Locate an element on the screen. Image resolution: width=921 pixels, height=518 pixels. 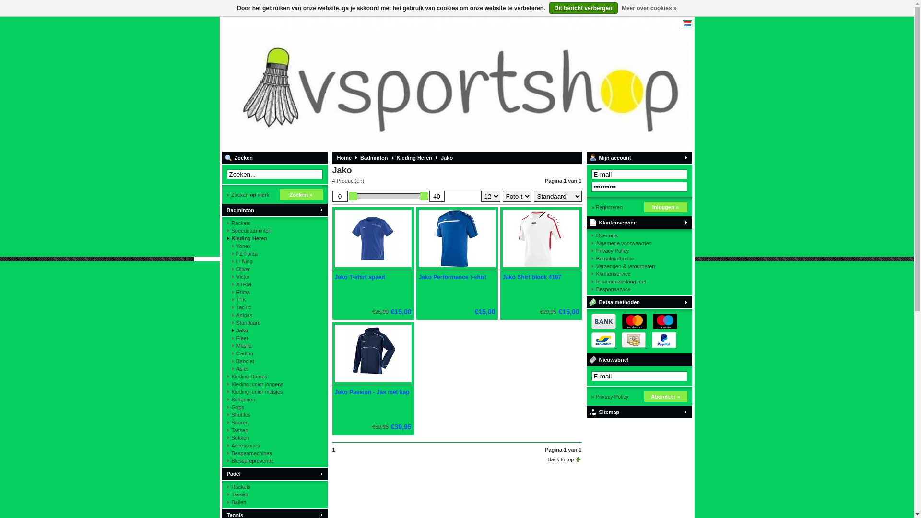
'In samenwerking met' is located at coordinates (639, 281).